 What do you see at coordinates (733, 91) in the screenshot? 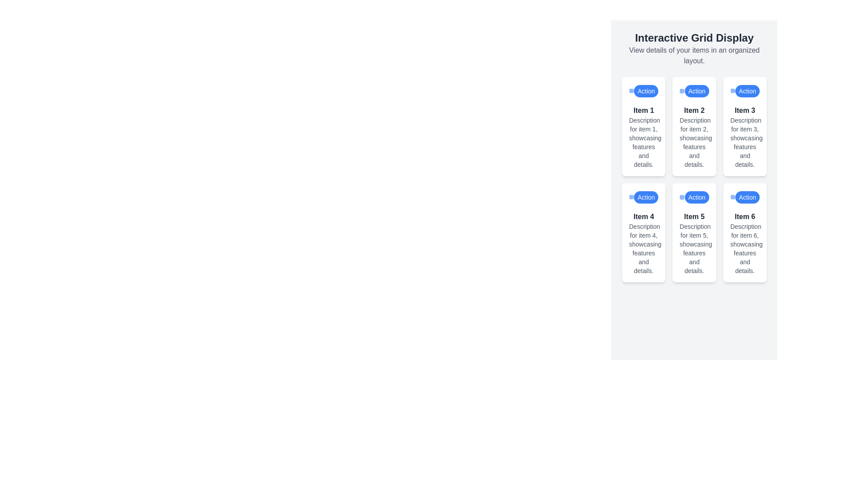
I see `the blue grid icon element located to the left of the 'Action' button in the header section of 'Item 3'` at bounding box center [733, 91].